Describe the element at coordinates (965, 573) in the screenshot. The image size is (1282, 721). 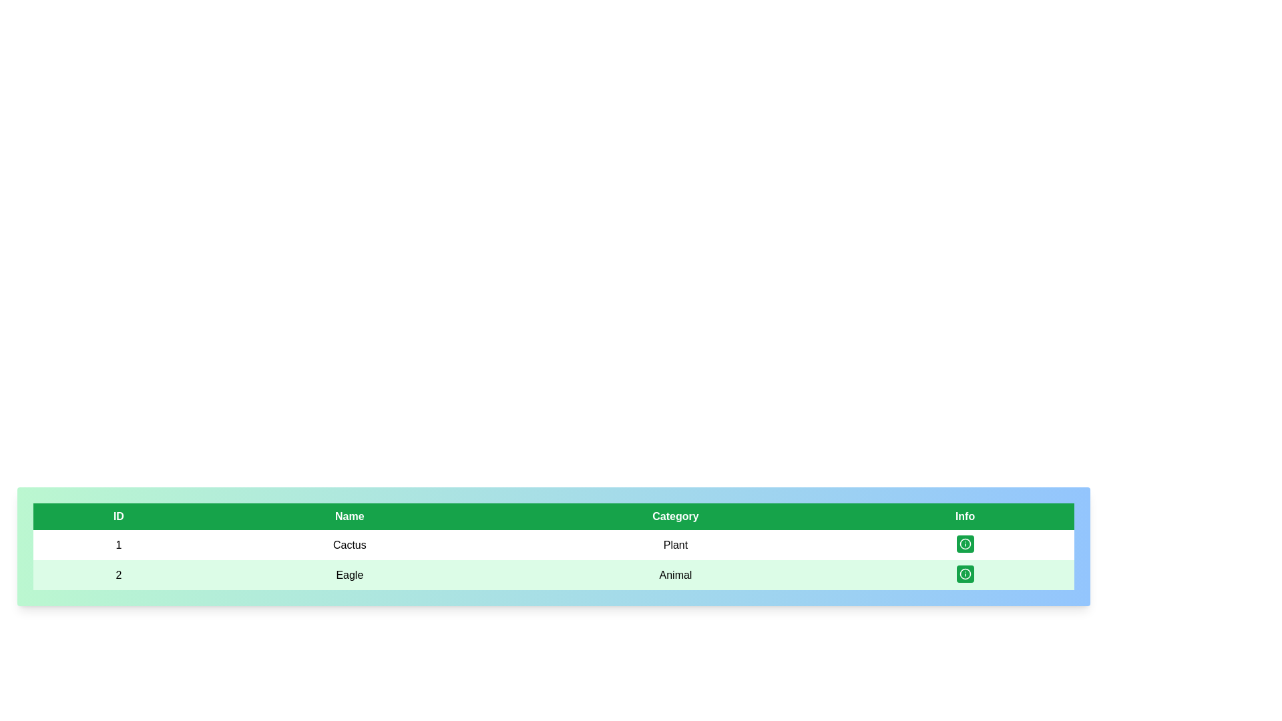
I see `the 'information' button located in the 'Info' column of the table for the 'Eagle' entry, positioned to the rightmost side and below the button for 'Cactus'` at that location.